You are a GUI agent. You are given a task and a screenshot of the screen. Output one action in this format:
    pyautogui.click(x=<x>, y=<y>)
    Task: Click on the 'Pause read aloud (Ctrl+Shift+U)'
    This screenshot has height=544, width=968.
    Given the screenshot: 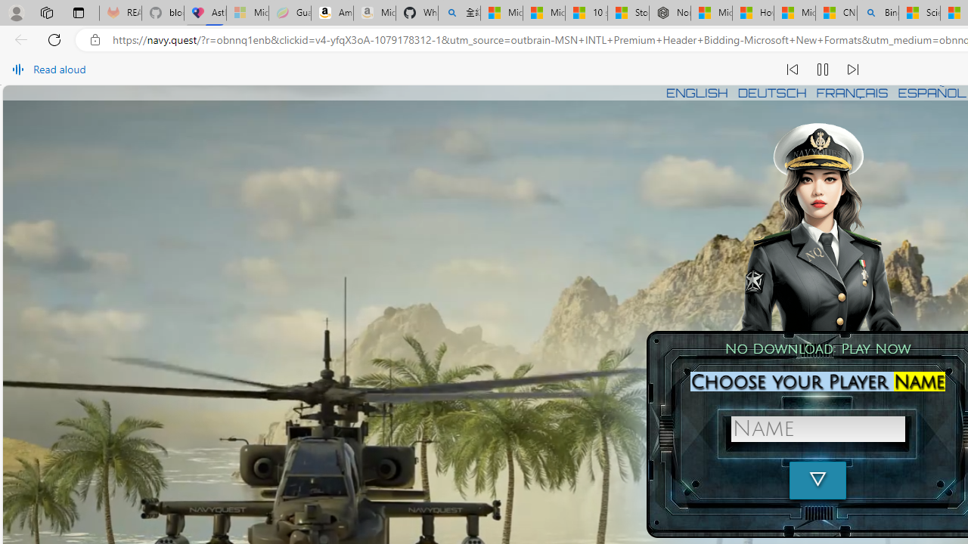 What is the action you would take?
    pyautogui.click(x=822, y=70)
    